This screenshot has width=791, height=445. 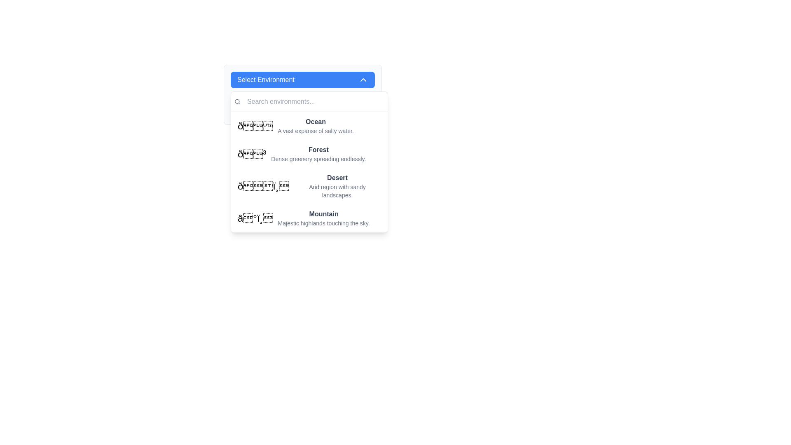 I want to click on the descriptive text label that provides additional information about the 'Desert' option in the dropdown menu, so click(x=337, y=191).